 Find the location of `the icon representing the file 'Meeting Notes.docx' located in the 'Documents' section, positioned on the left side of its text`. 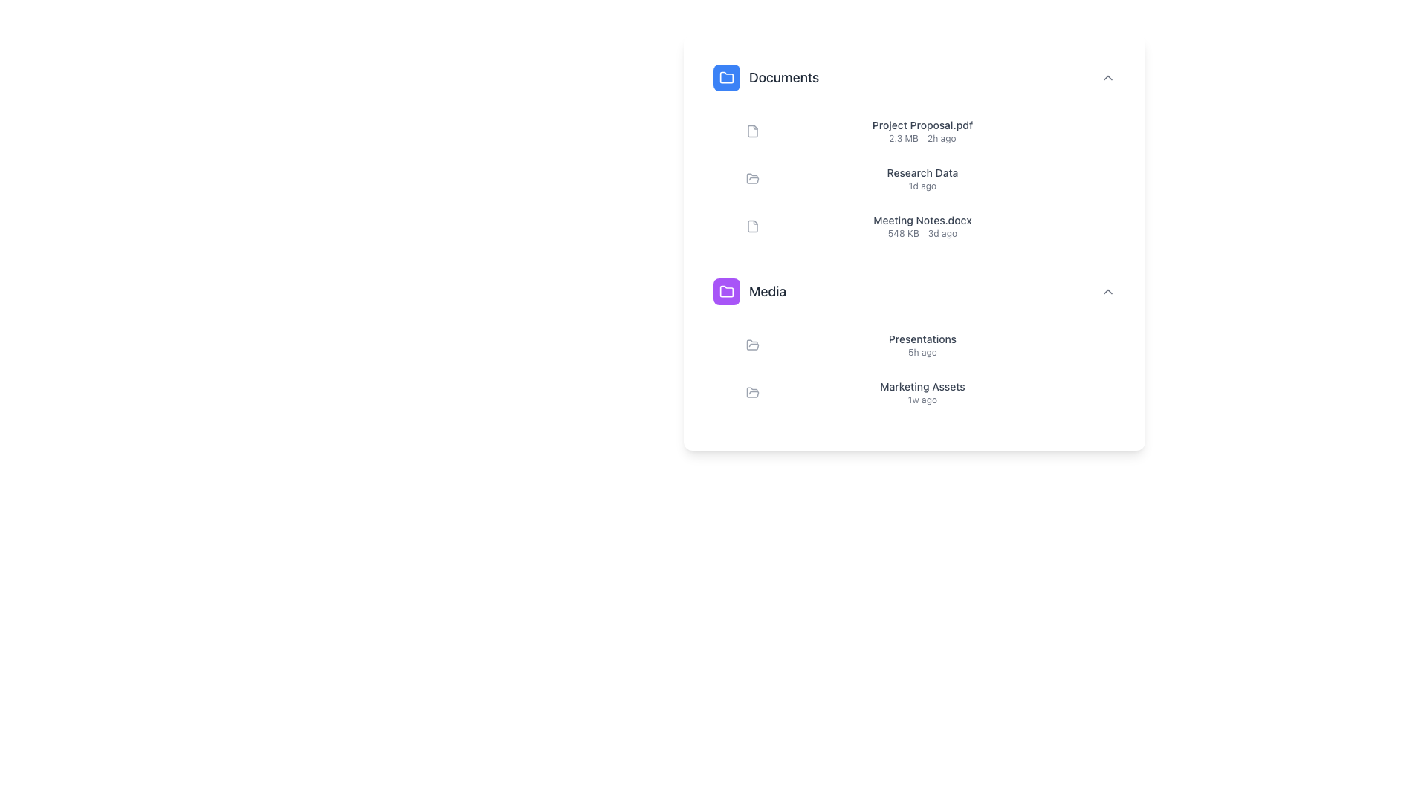

the icon representing the file 'Meeting Notes.docx' located in the 'Documents' section, positioned on the left side of its text is located at coordinates (752, 226).